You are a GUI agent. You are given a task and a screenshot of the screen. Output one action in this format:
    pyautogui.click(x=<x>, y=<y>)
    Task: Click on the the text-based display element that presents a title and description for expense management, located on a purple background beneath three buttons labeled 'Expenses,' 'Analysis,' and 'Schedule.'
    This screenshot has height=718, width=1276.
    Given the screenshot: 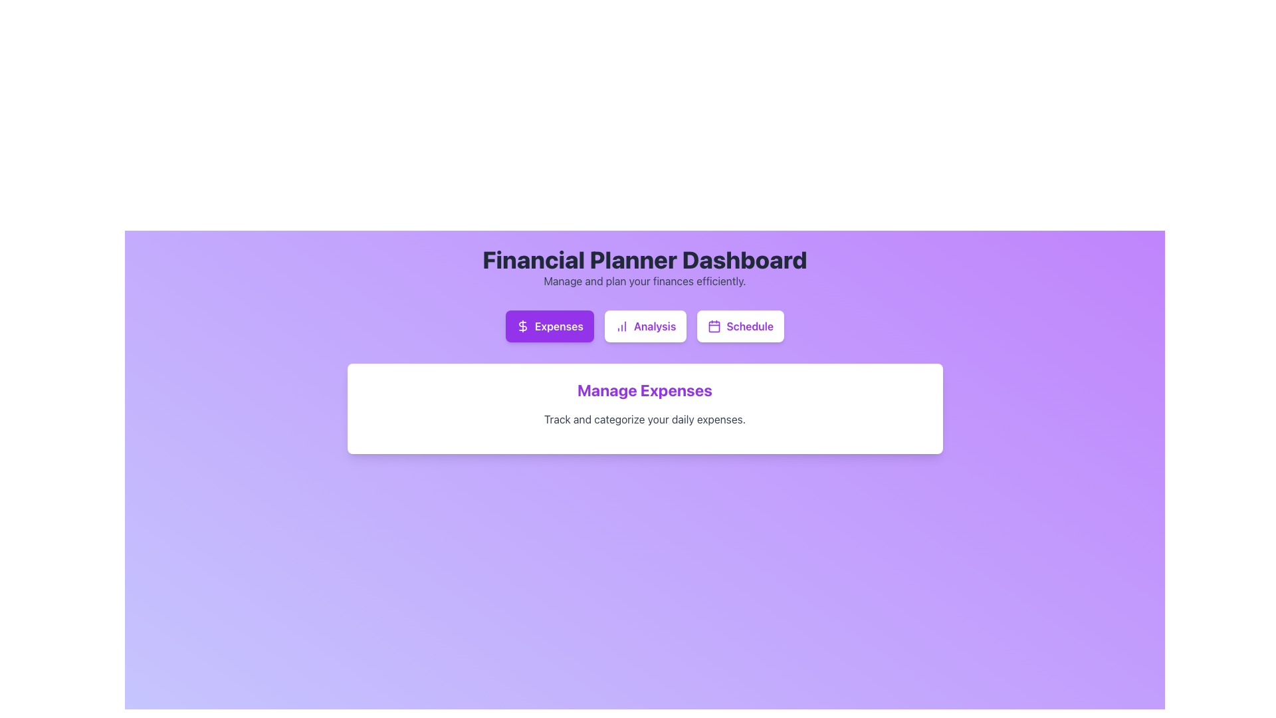 What is the action you would take?
    pyautogui.click(x=645, y=402)
    